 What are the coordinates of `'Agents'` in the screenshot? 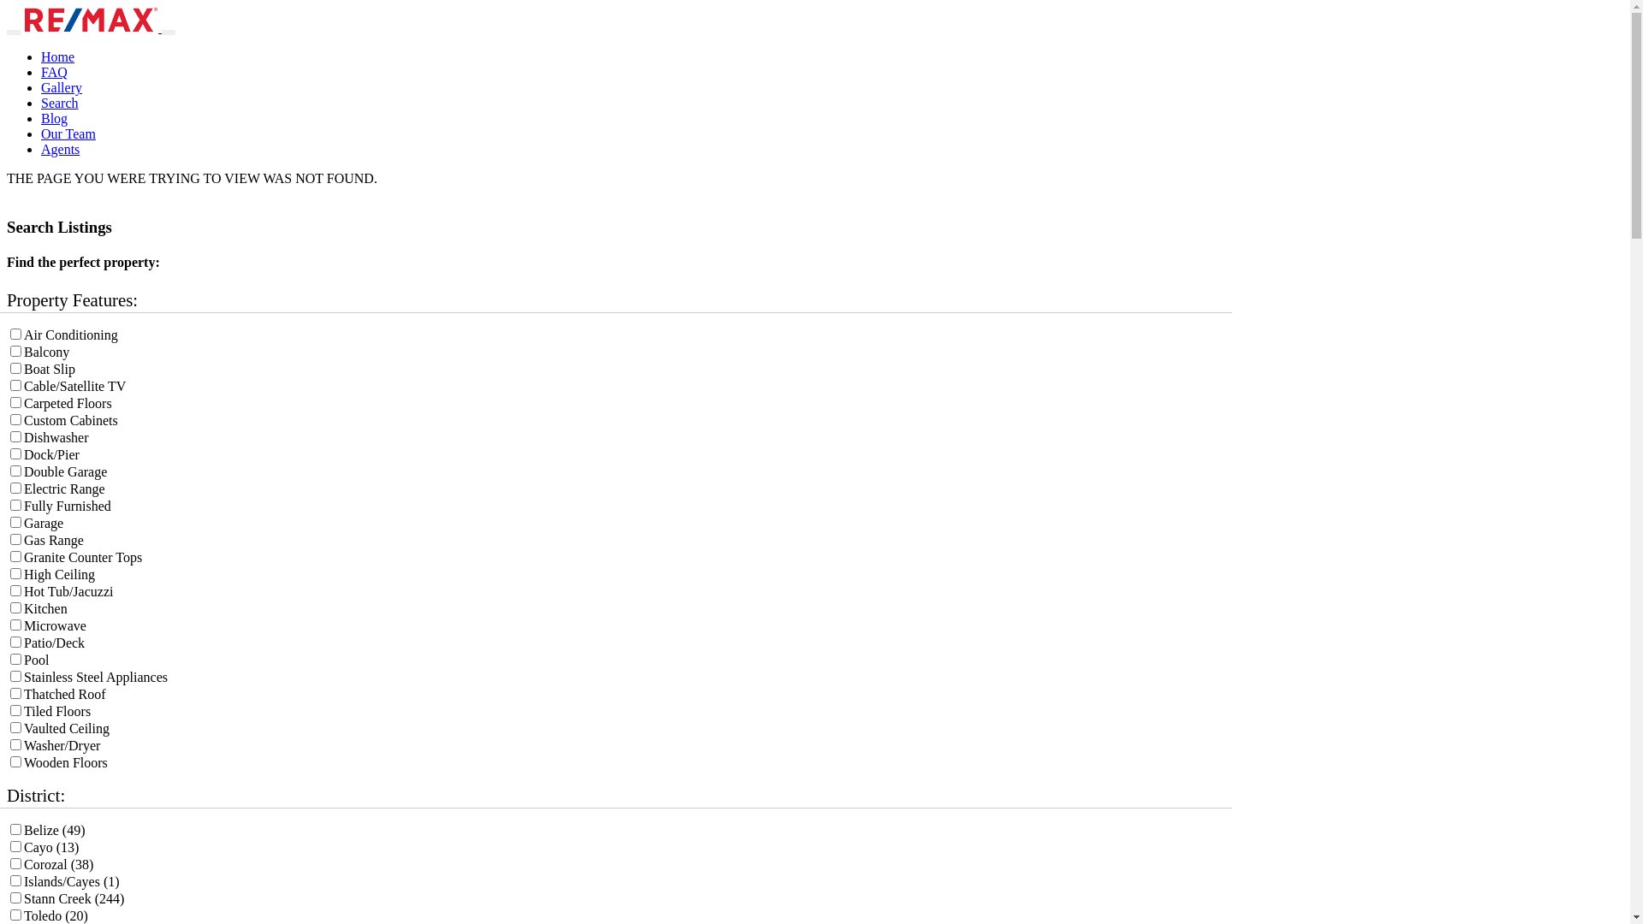 It's located at (60, 148).